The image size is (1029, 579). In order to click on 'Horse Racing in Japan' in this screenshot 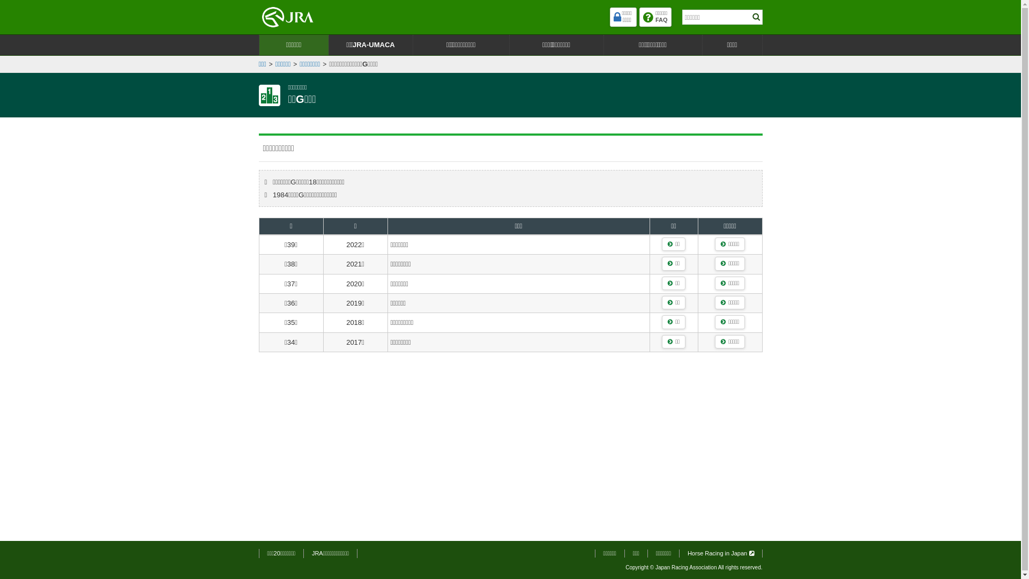, I will do `click(687, 553)`.